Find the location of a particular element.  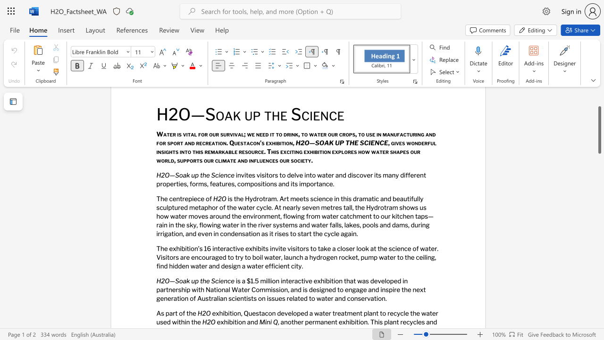

the scrollbar and move down 290 pixels is located at coordinates (599, 130).